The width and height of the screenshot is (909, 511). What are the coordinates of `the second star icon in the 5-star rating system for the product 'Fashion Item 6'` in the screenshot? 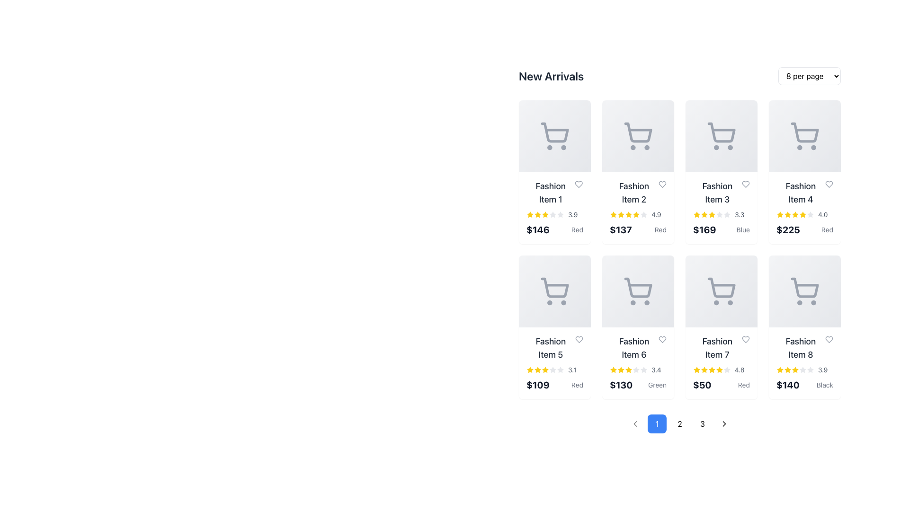 It's located at (629, 369).